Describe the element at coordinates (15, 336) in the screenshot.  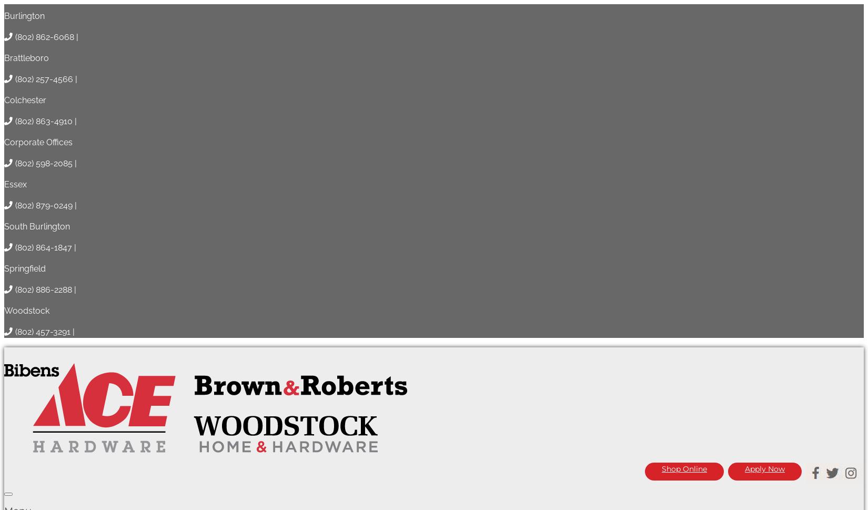
I see `'Basil'` at that location.